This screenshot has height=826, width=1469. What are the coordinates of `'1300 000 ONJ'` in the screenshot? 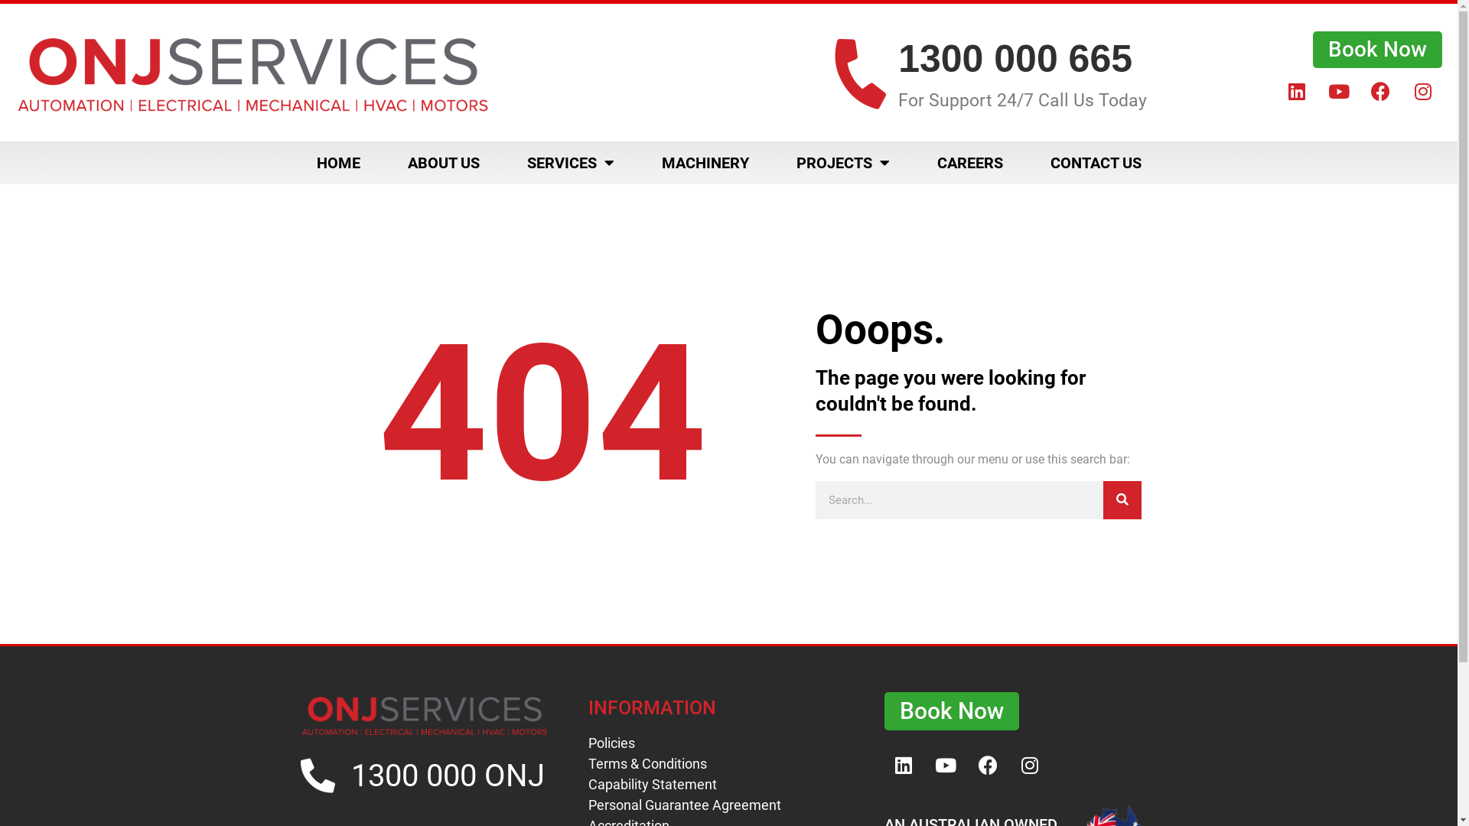 It's located at (447, 776).